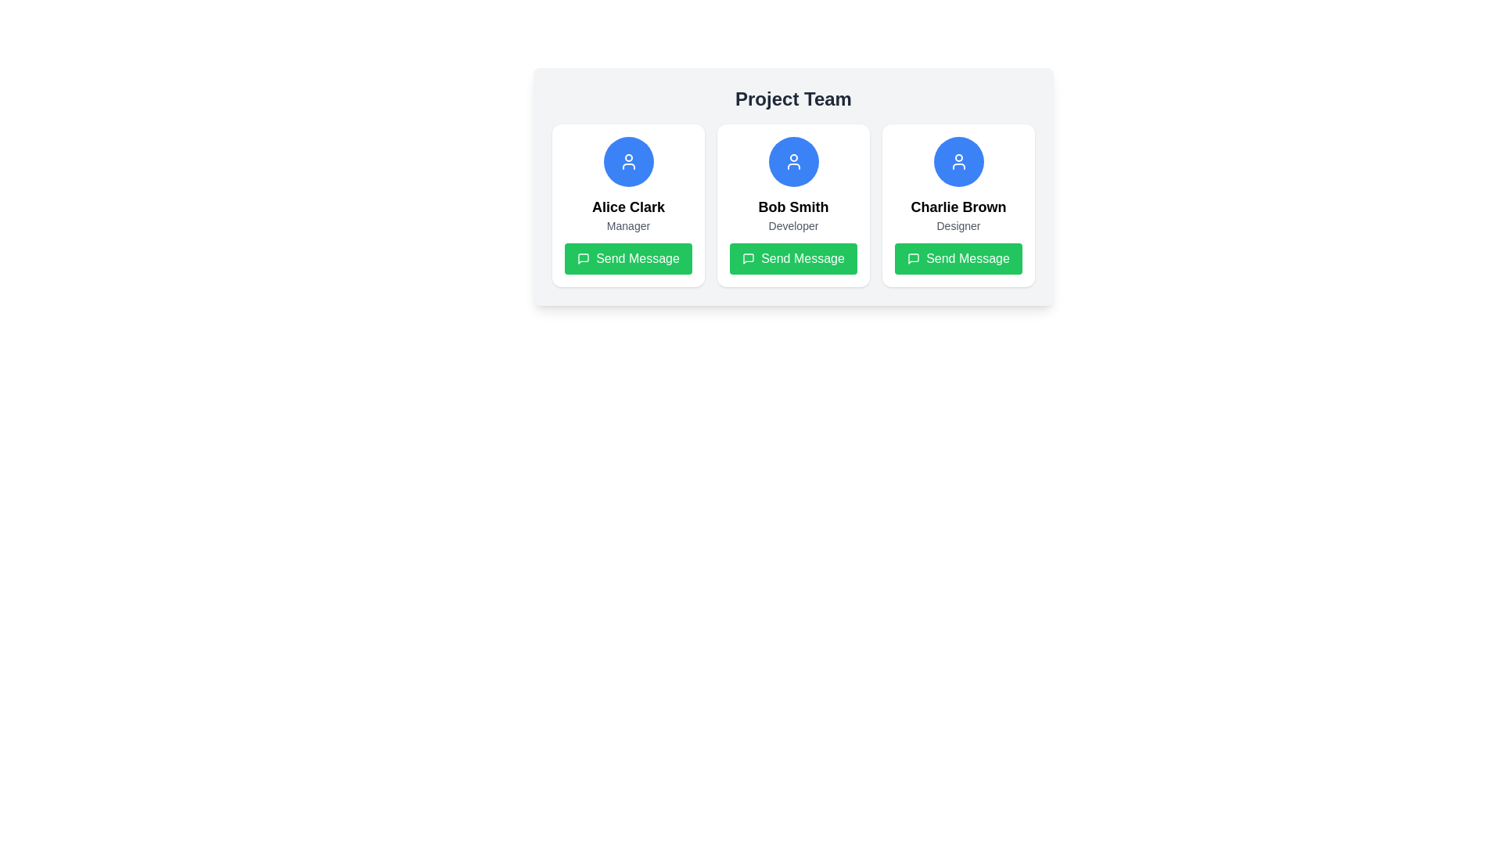 This screenshot has width=1502, height=845. I want to click on the profile icon representing Charlie Brown, which is located in the upper portion of the card and is centrally aligned above the text label, so click(958, 162).